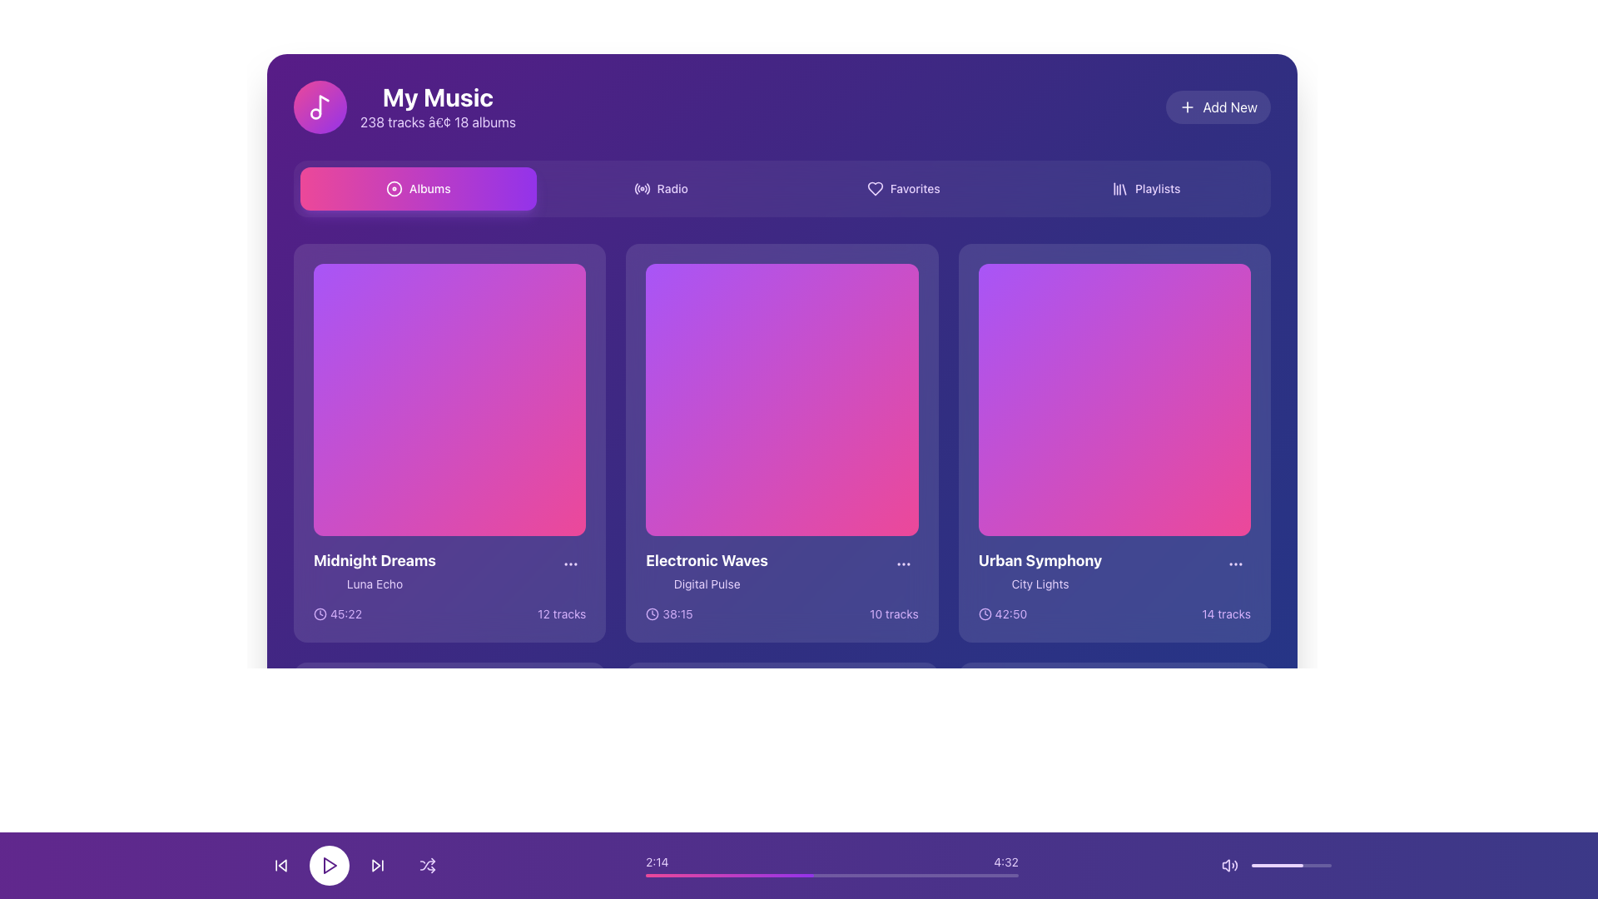 The image size is (1598, 899). I want to click on the volume, so click(1284, 865).